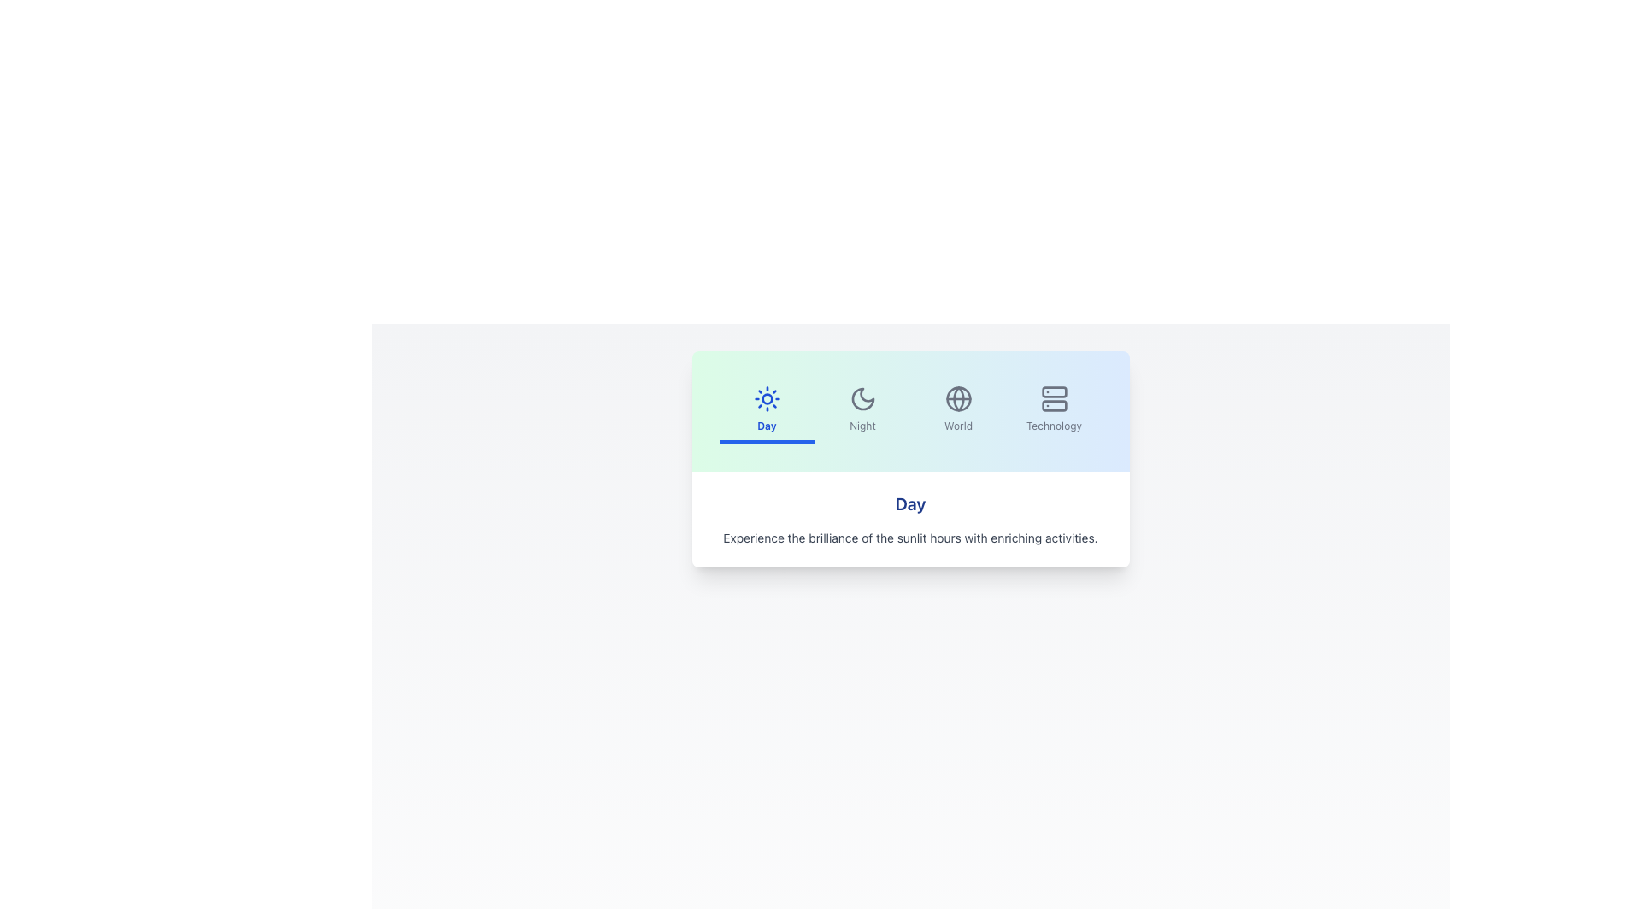 The image size is (1641, 923). What do you see at coordinates (958, 398) in the screenshot?
I see `the gray spherical circular outline icon representing the 'World' tab` at bounding box center [958, 398].